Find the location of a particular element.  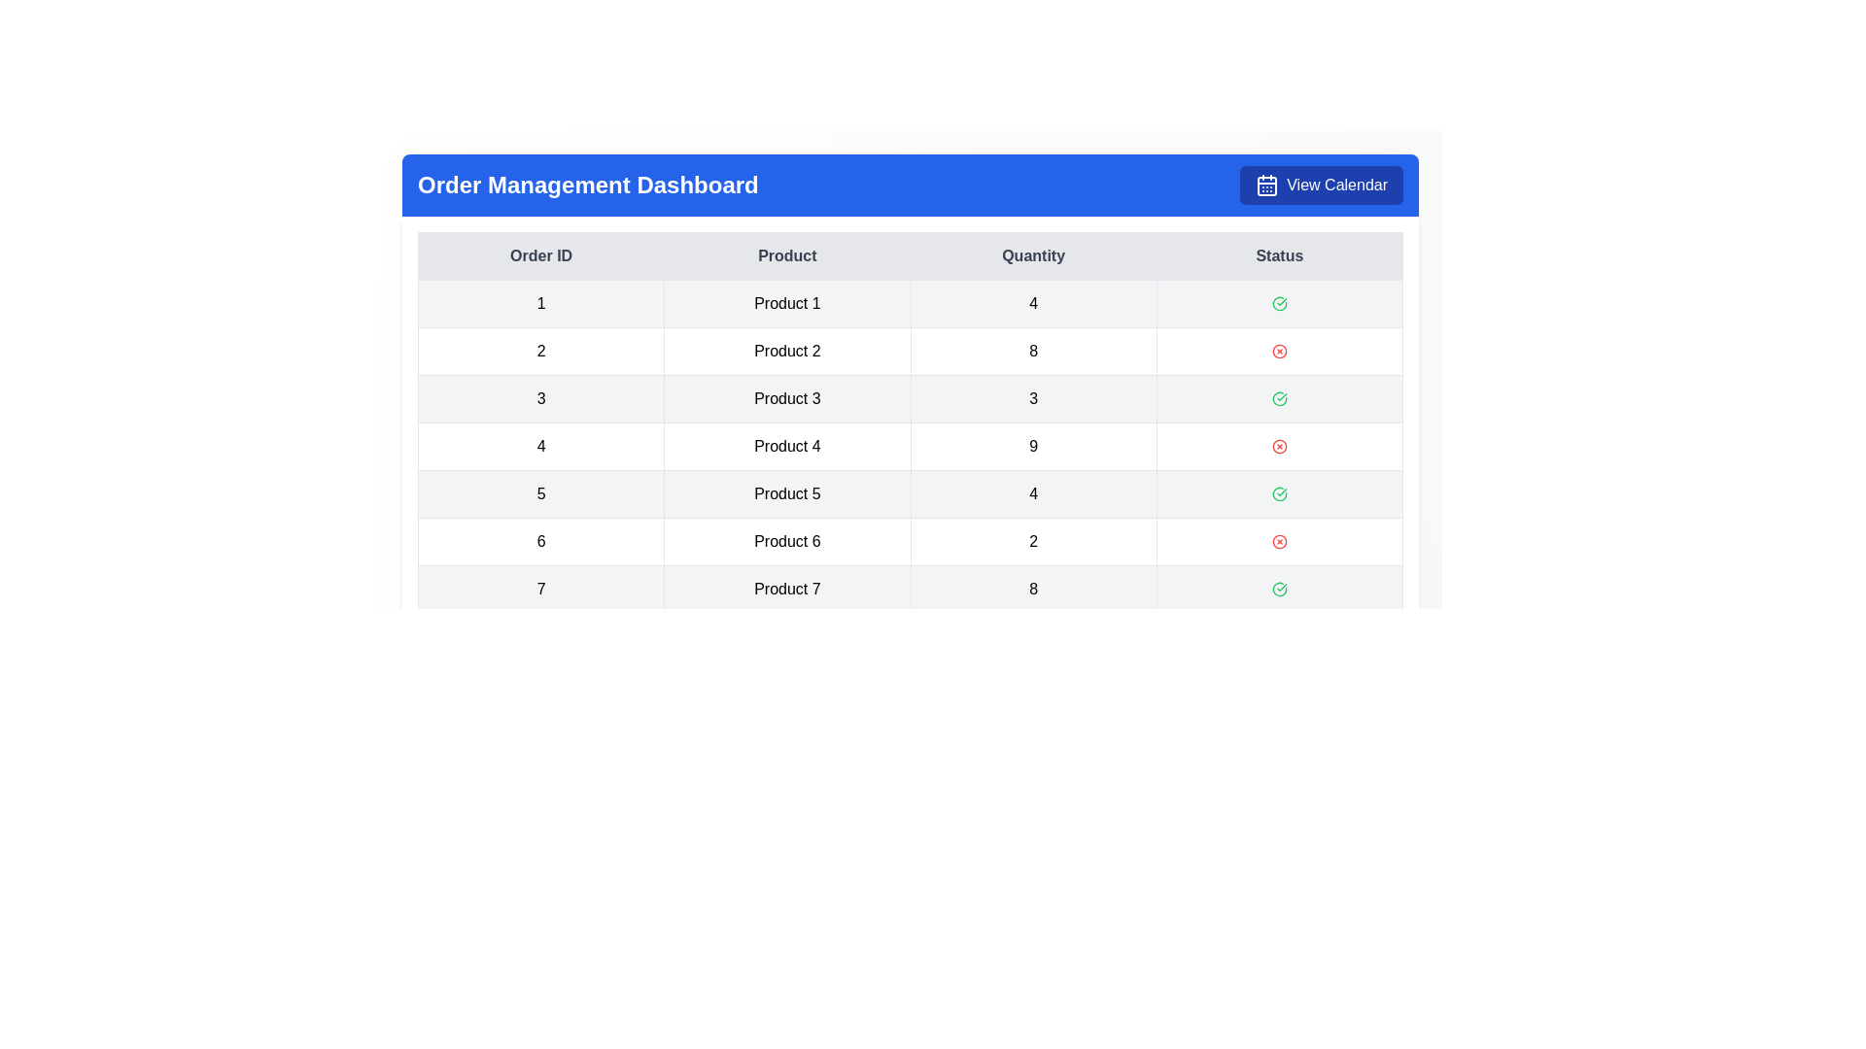

the 'View Calendar' button located in the header is located at coordinates (1321, 186).